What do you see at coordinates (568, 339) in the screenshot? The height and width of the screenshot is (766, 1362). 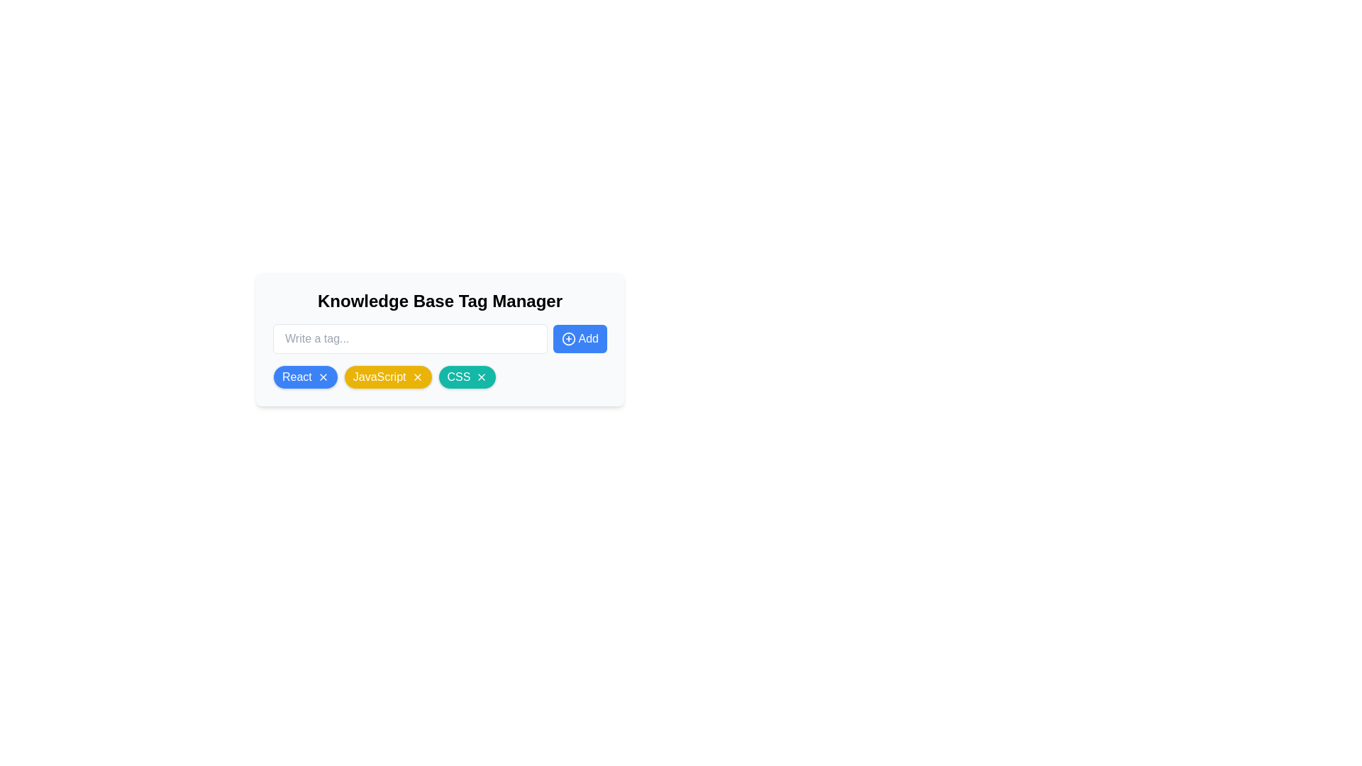 I see `the 'Add' icon located to the left of the 'Add' text to trigger a tooltip or visual feedback` at bounding box center [568, 339].